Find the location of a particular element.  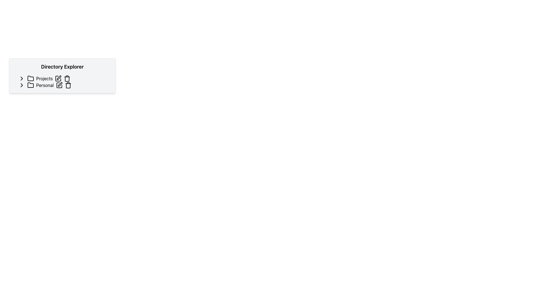

the folder icon located in the 'Directory Explorer' interface next to the text labeled 'Projects' as a visual cue is located at coordinates (30, 78).